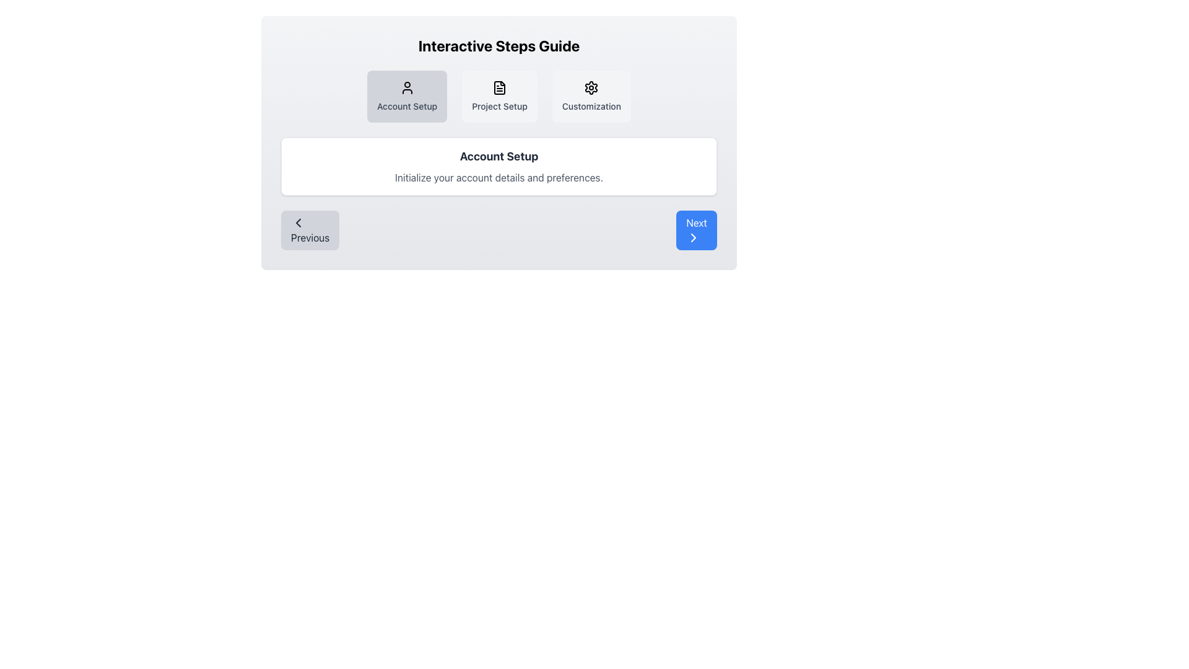 The width and height of the screenshot is (1189, 669). What do you see at coordinates (499, 87) in the screenshot?
I see `the second SVG icon in the navigation bar, which resembles a document or file with a folded corner and red detailing` at bounding box center [499, 87].